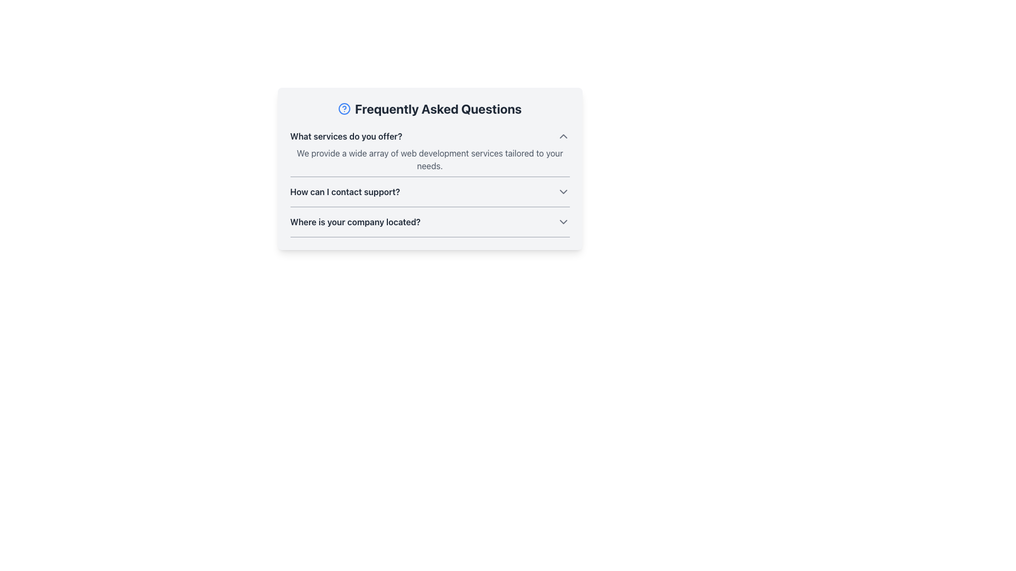  I want to click on the text label that reads 'Where is your company located?' in the Frequently Asked Questions section, so click(355, 222).